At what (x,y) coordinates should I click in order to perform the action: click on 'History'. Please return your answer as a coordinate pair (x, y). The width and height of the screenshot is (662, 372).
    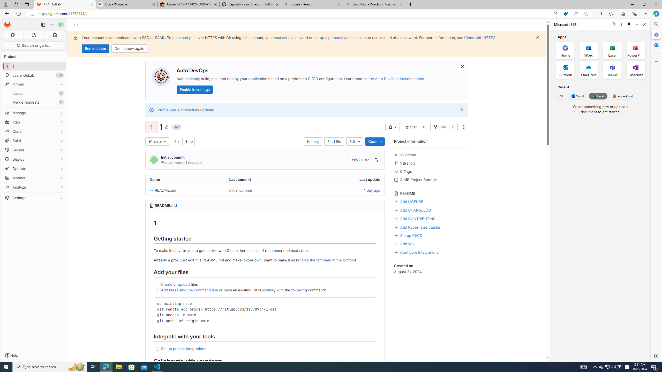
    Looking at the image, I should click on (313, 141).